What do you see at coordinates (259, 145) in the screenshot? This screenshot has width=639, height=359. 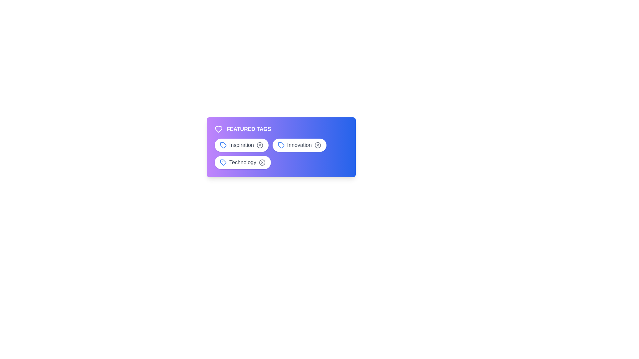 I see `the Close button/icon next to the 'Inspiration' tag in the 'Featured Tags' section` at bounding box center [259, 145].